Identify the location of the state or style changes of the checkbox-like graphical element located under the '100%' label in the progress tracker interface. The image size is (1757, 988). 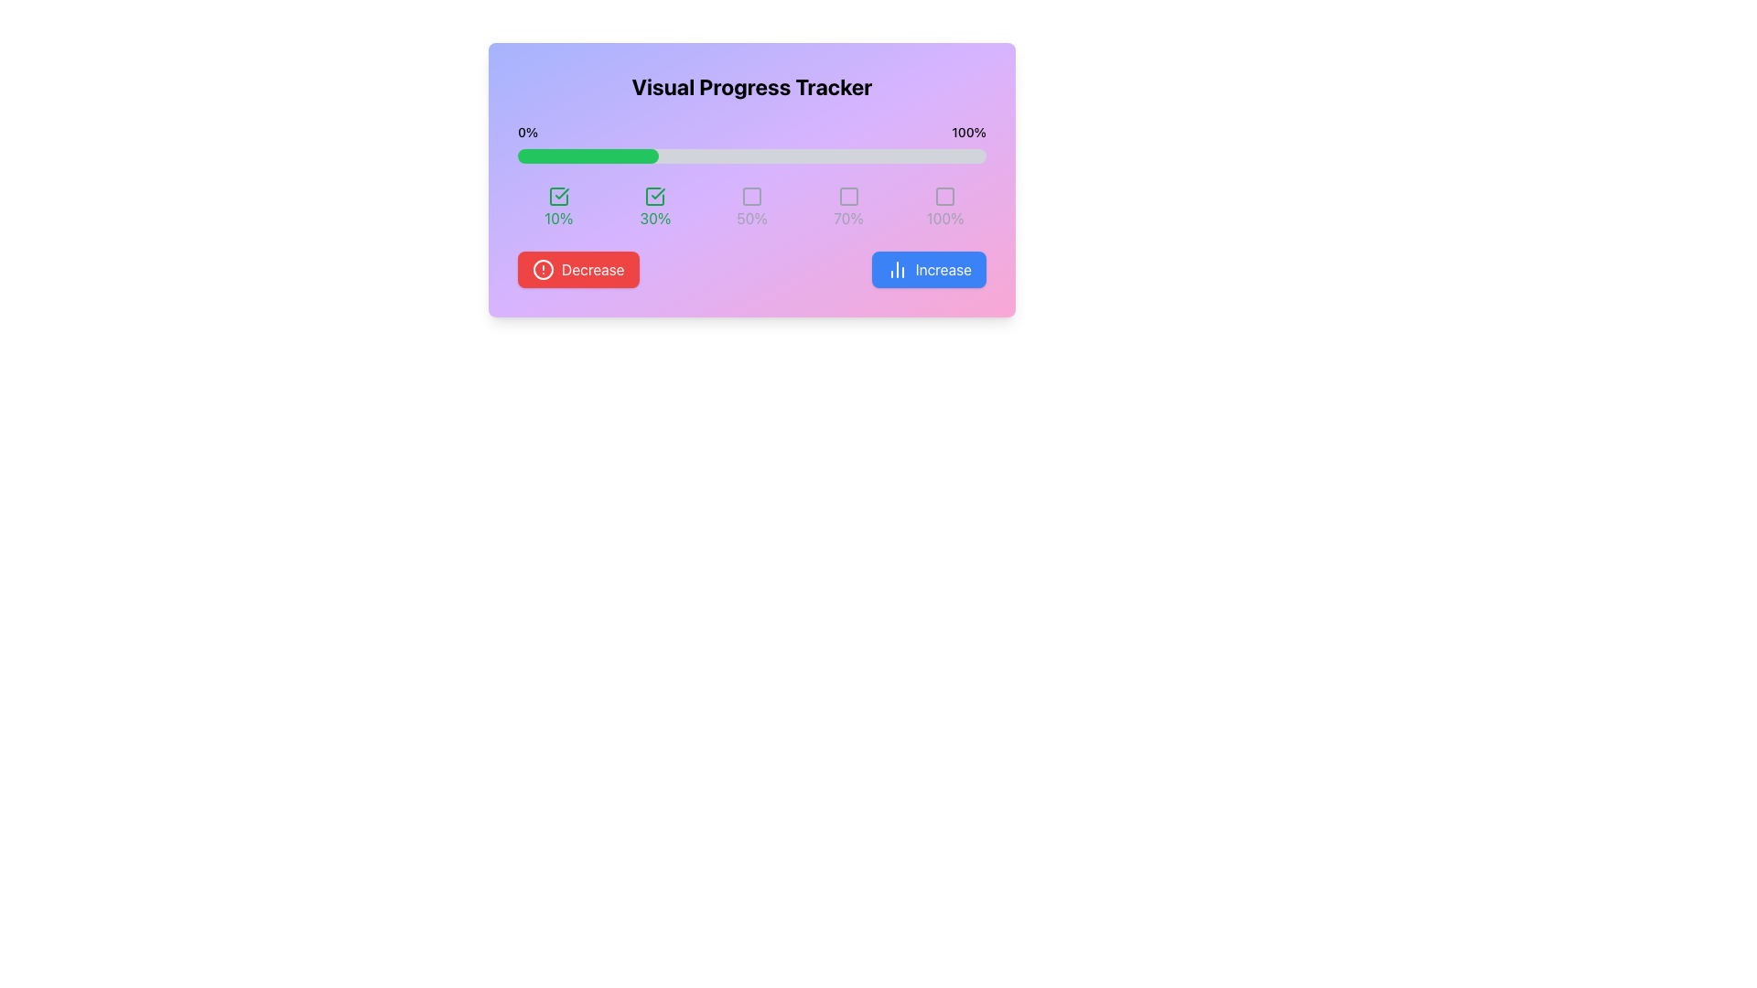
(945, 197).